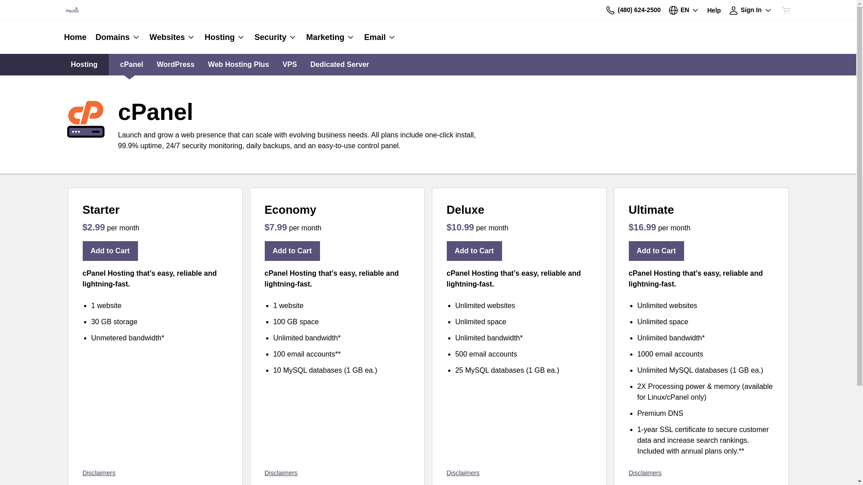  I want to click on 'VPS', so click(289, 64).